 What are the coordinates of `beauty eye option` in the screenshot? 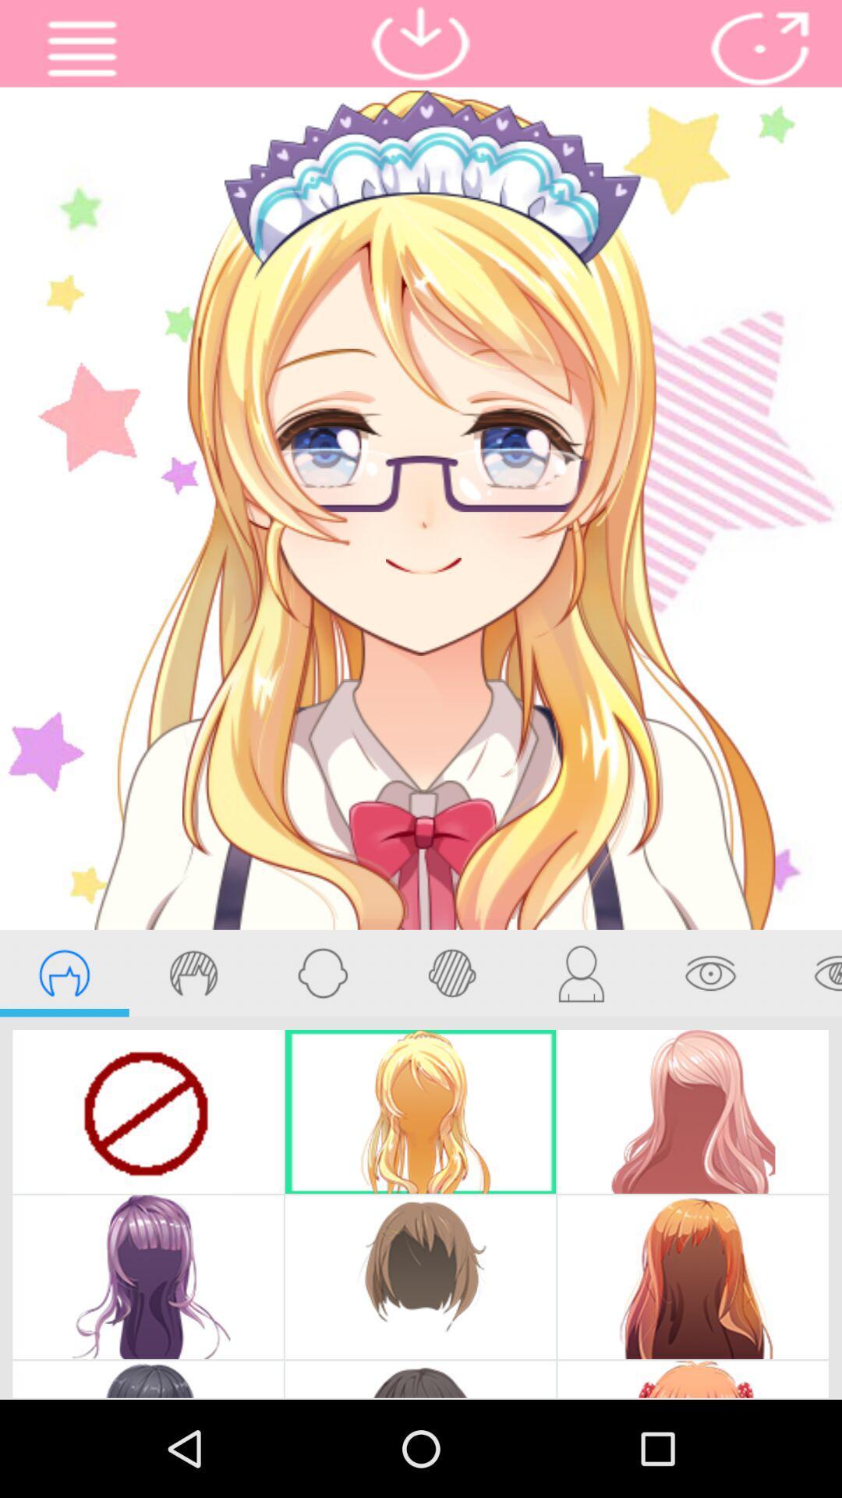 It's located at (808, 972).